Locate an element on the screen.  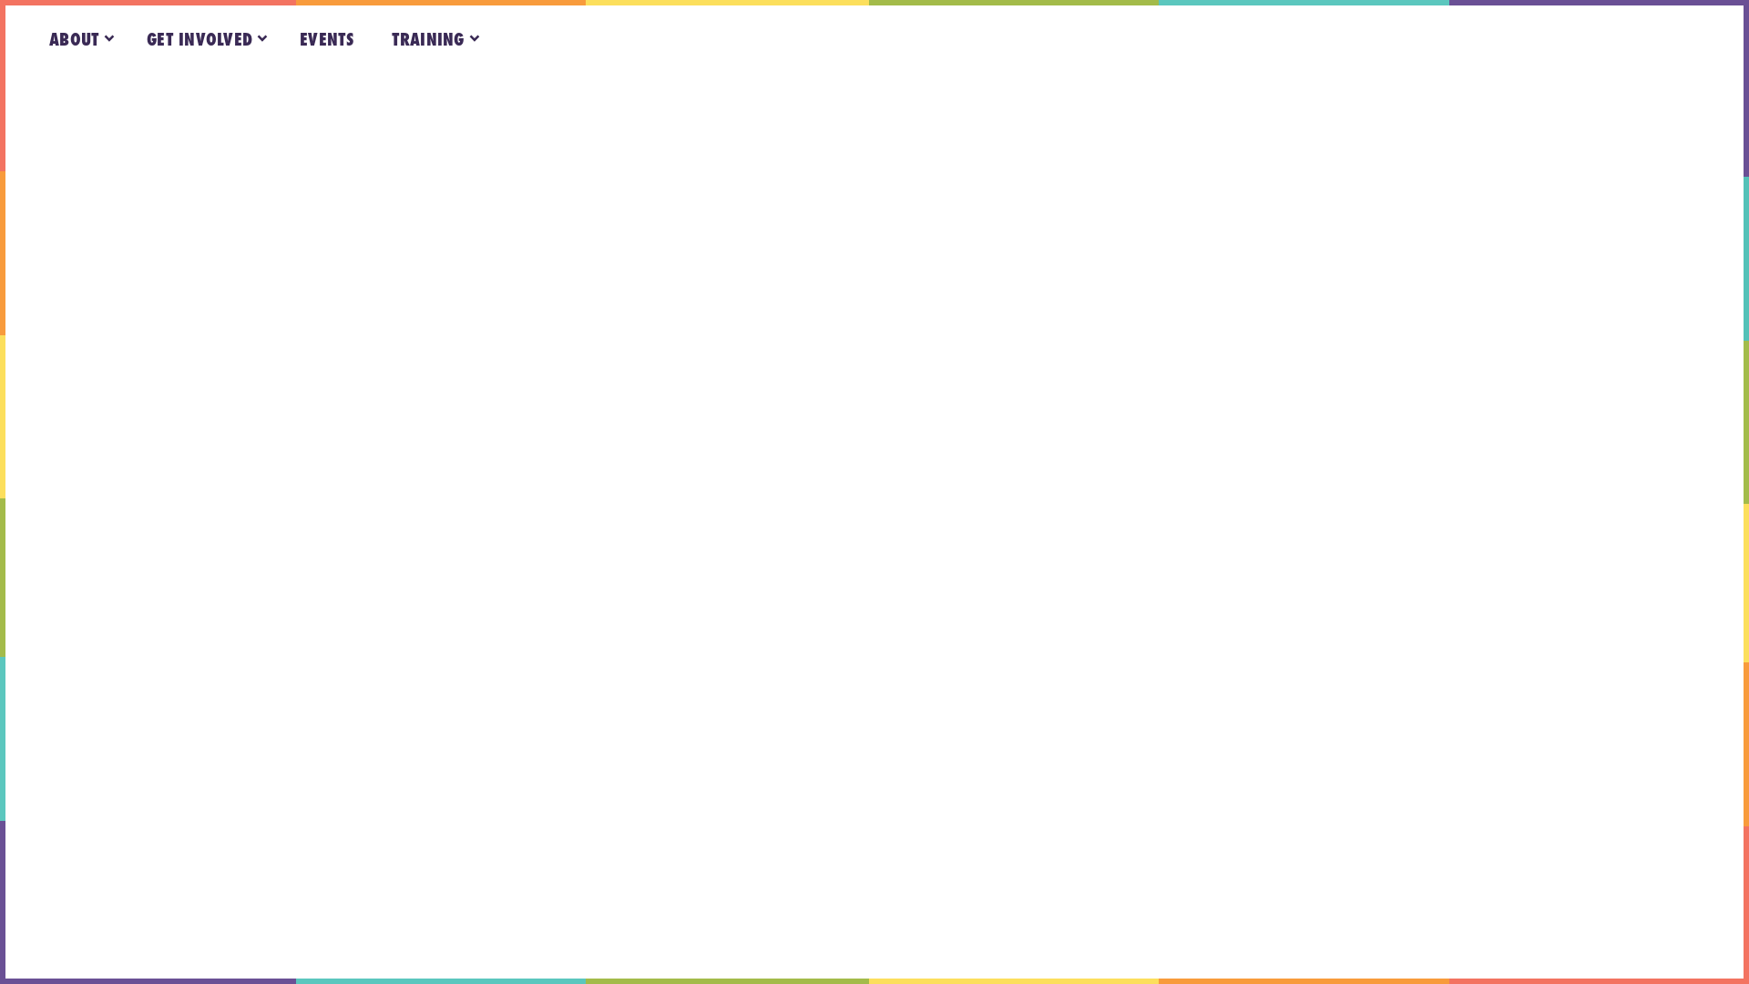
'EVENTS' is located at coordinates (327, 39).